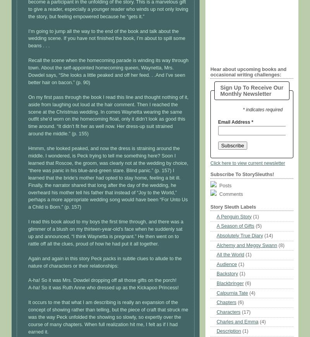 This screenshot has width=310, height=337. Describe the element at coordinates (234, 216) in the screenshot. I see `'A Penguin Story'` at that location.